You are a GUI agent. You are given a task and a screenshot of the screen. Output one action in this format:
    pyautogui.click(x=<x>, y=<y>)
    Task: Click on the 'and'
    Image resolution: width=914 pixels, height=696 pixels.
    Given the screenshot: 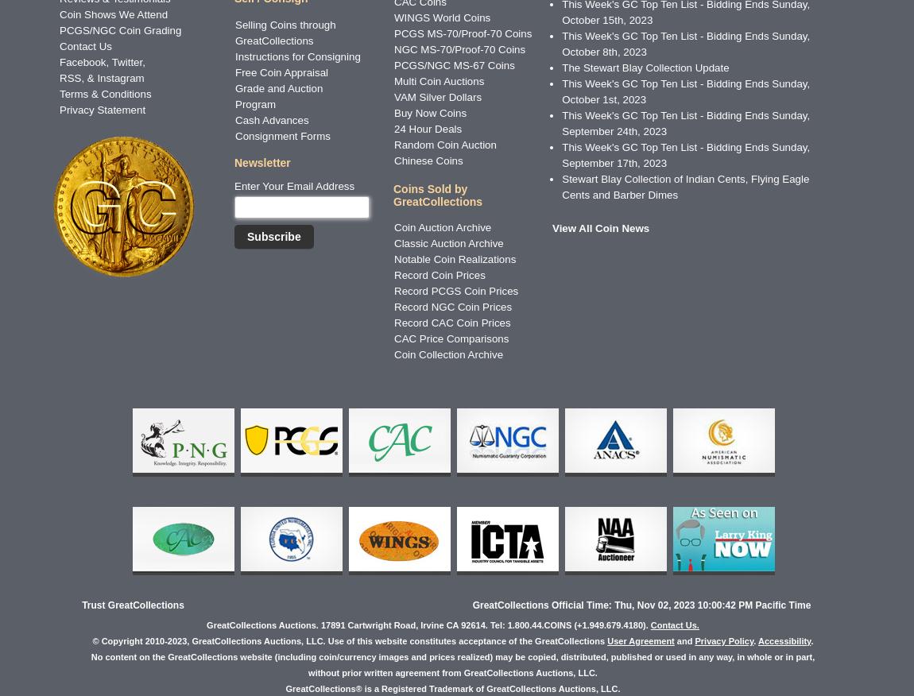 What is the action you would take?
    pyautogui.click(x=673, y=640)
    